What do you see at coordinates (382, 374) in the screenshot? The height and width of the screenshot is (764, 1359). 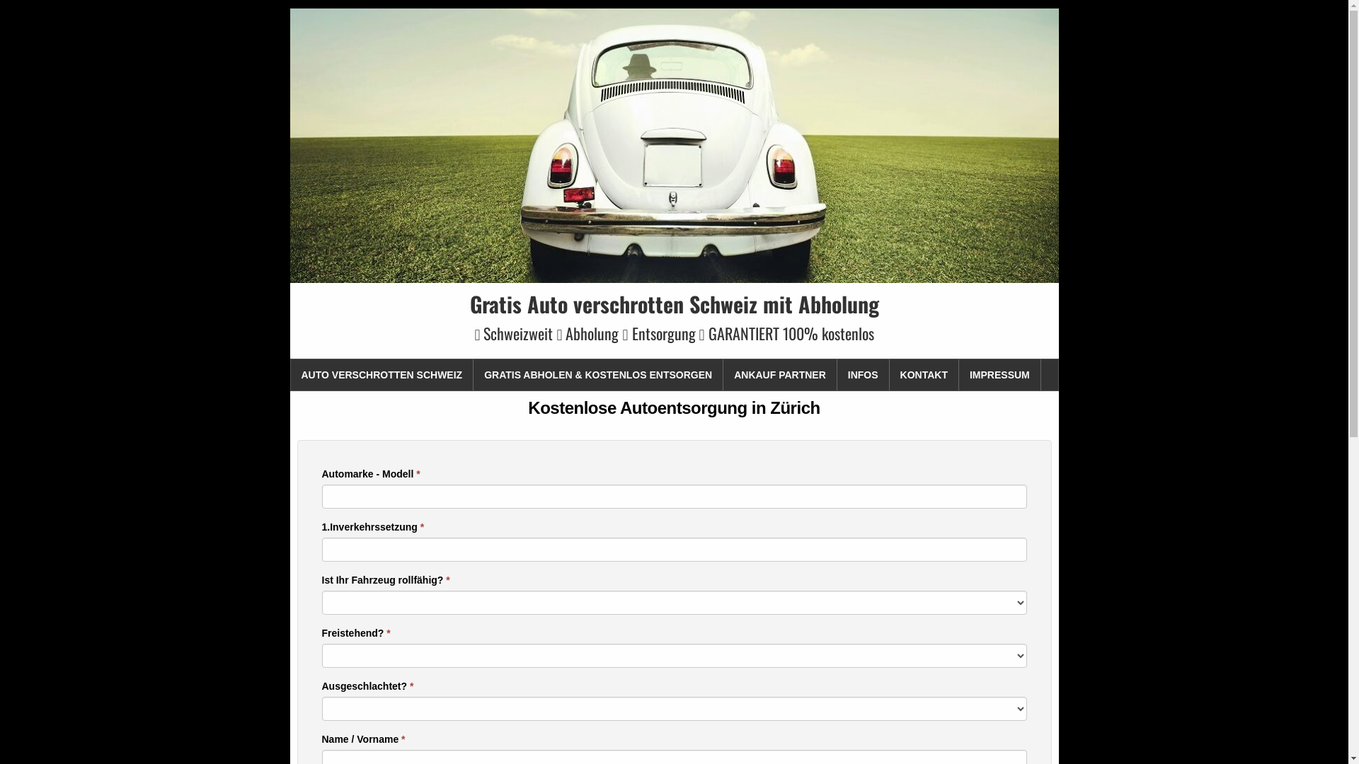 I see `'AUTO VERSCHROTTEN SCHWEIZ'` at bounding box center [382, 374].